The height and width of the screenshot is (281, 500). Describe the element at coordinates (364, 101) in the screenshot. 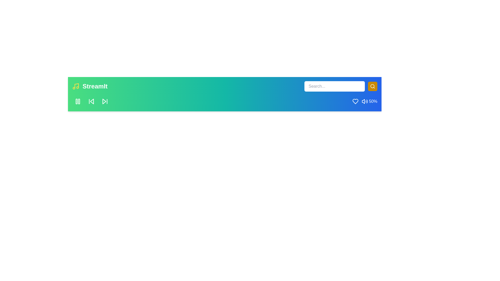

I see `the volume to 52% by interacting with the volume control` at that location.